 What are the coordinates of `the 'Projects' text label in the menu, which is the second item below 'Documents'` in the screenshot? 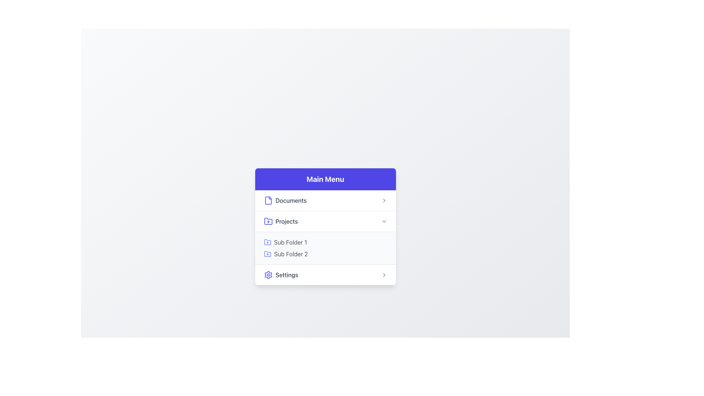 It's located at (286, 221).